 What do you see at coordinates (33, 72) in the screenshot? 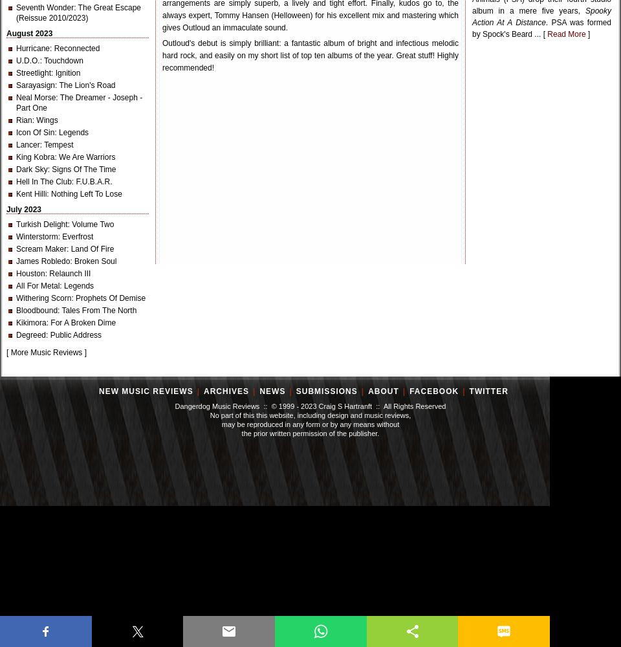
I see `'Streetlight'` at bounding box center [33, 72].